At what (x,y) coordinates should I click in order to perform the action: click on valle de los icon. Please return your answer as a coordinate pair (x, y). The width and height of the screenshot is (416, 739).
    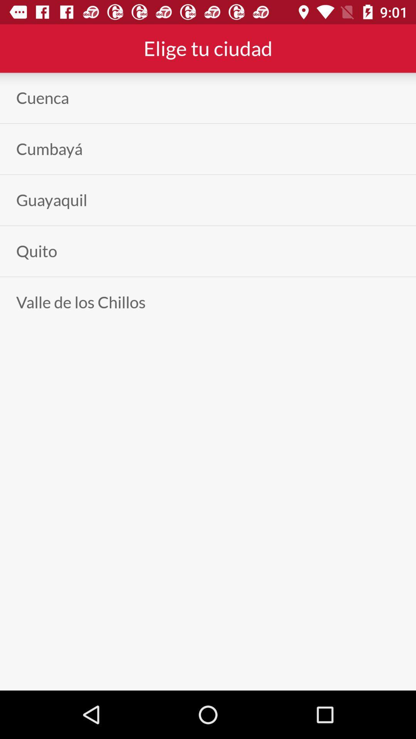
    Looking at the image, I should click on (81, 302).